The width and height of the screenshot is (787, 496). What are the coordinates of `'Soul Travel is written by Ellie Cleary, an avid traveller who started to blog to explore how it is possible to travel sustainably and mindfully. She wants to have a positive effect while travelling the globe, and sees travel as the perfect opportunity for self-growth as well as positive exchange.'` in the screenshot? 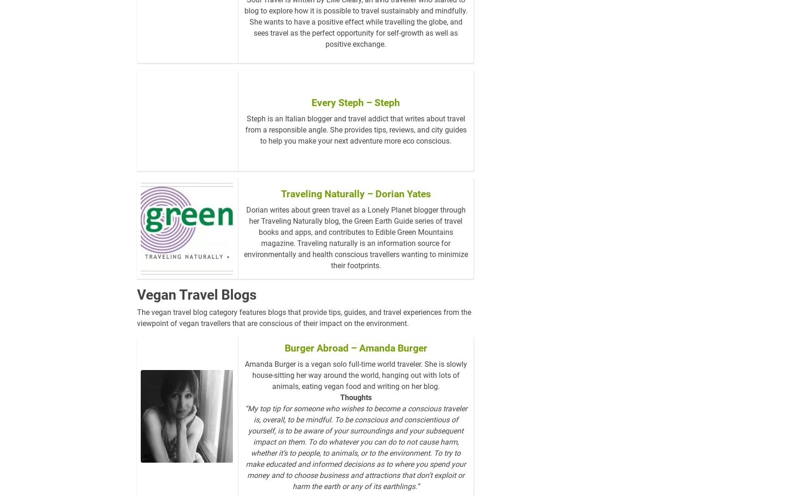 It's located at (355, 37).